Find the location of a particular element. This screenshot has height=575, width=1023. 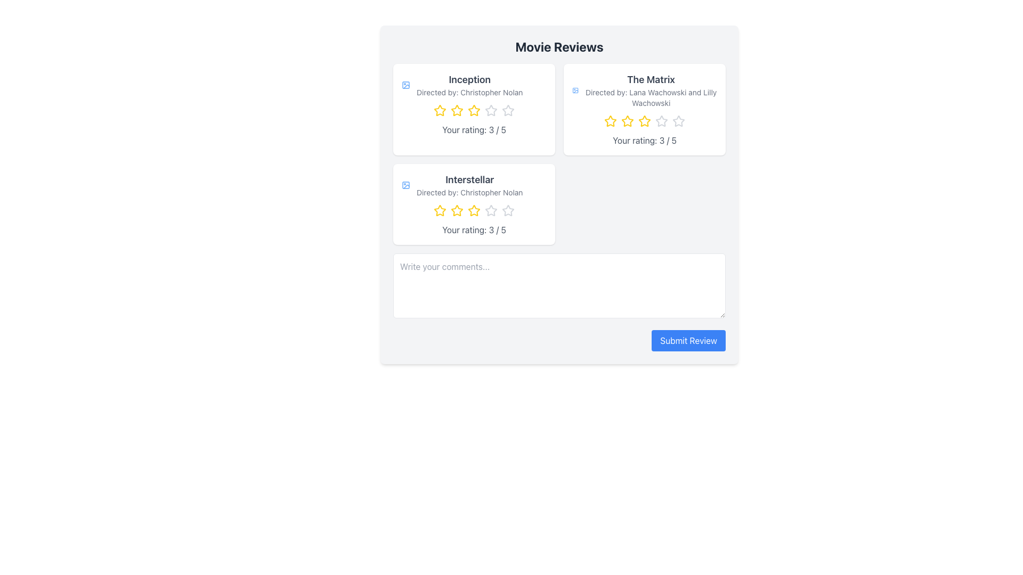

the third star icon in the five-star rating system located in the review card for 'Interstellar' is located at coordinates (490, 210).